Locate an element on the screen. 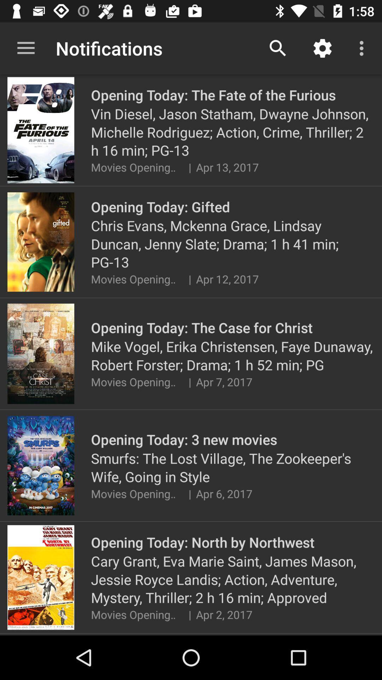  the item next to the movies opening today is located at coordinates (189, 614).